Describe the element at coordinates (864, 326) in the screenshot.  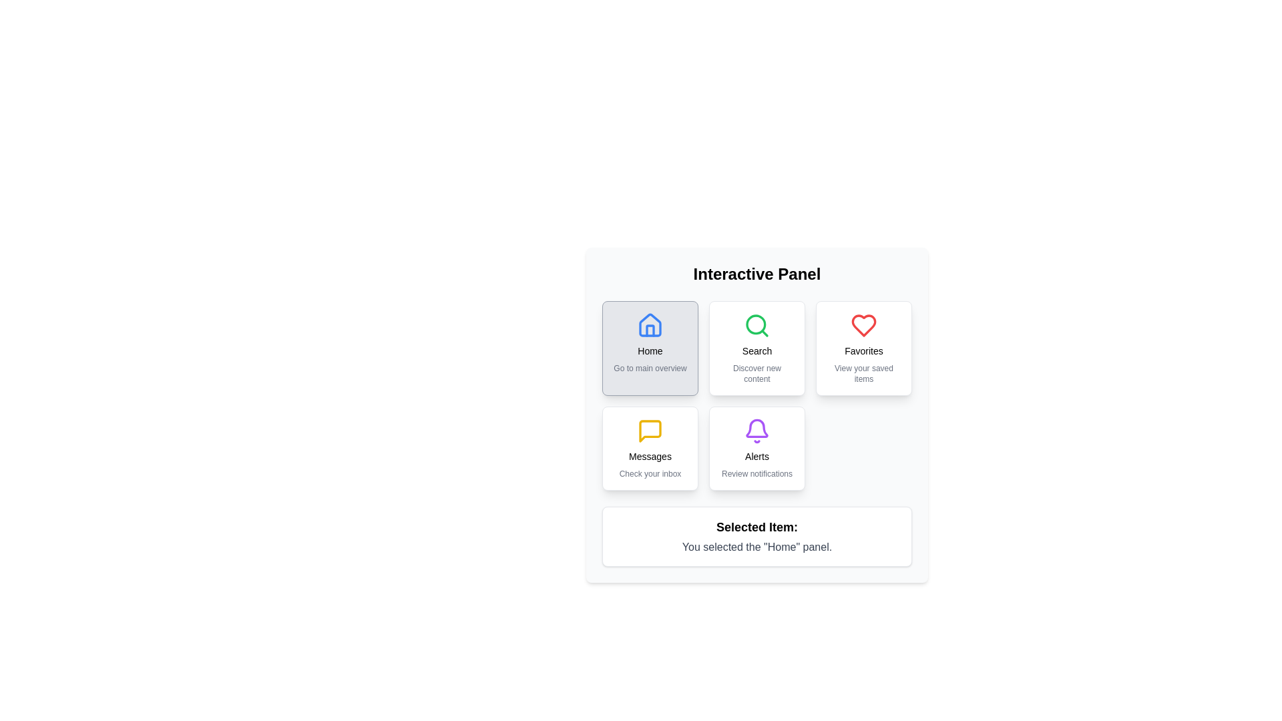
I see `the visual representation of the red heart icon indicating a 'favorite' state, which is part of the 'Favorites' card located in the top-right section of the grid layout` at that location.